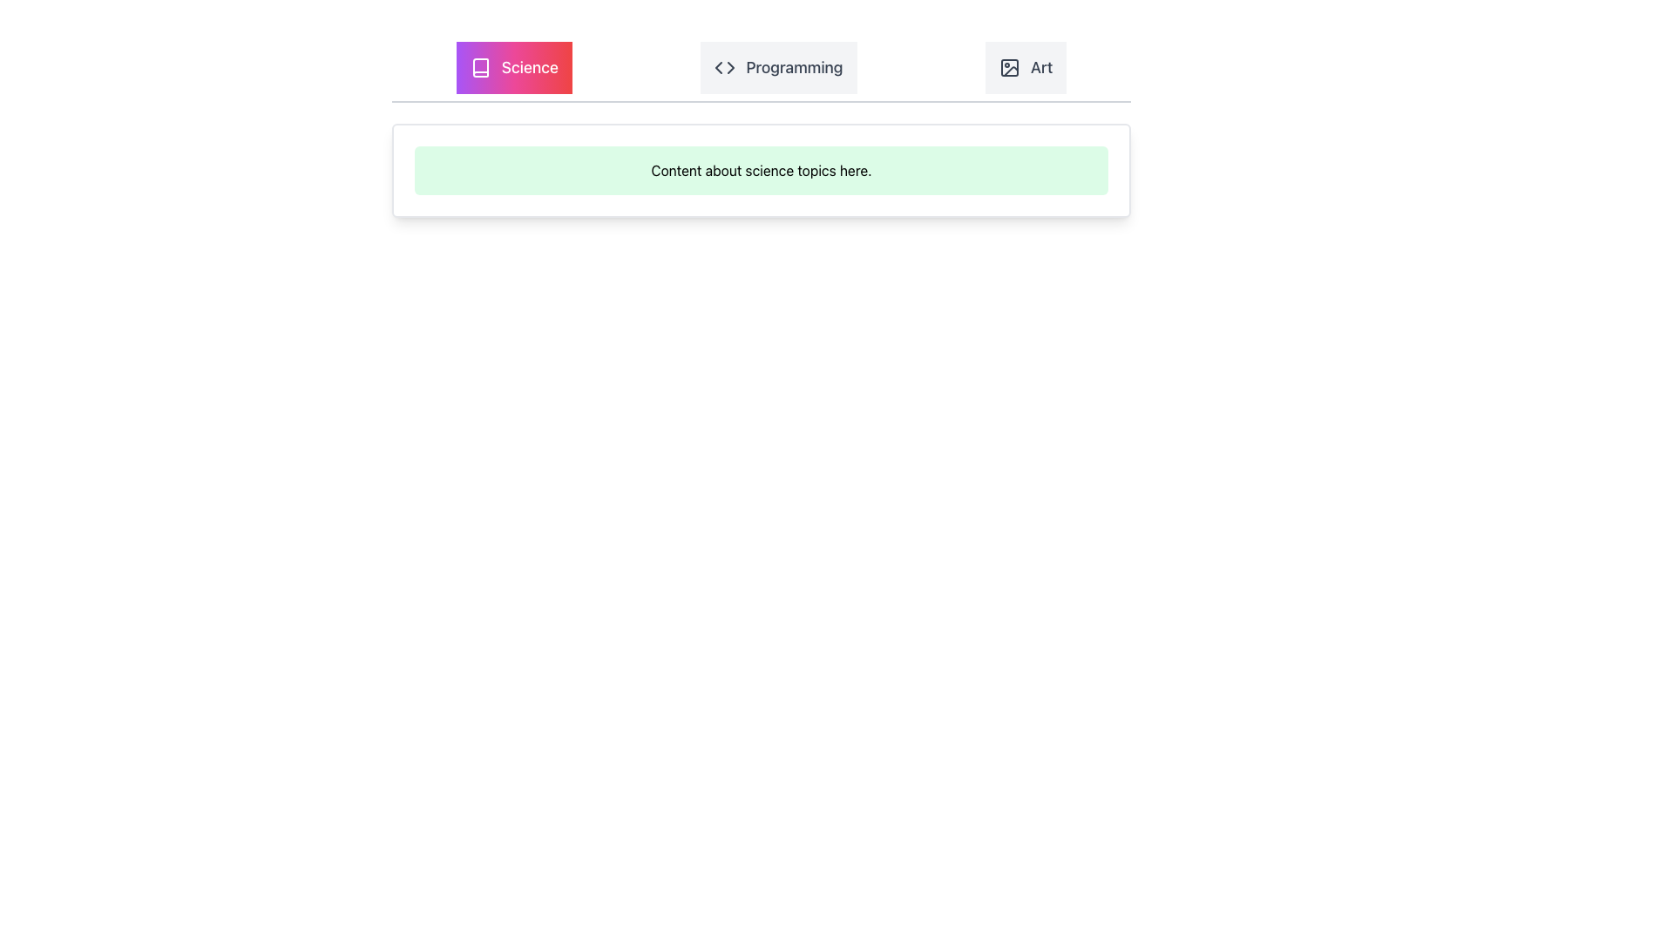  I want to click on the 'Science' text label, so click(529, 66).